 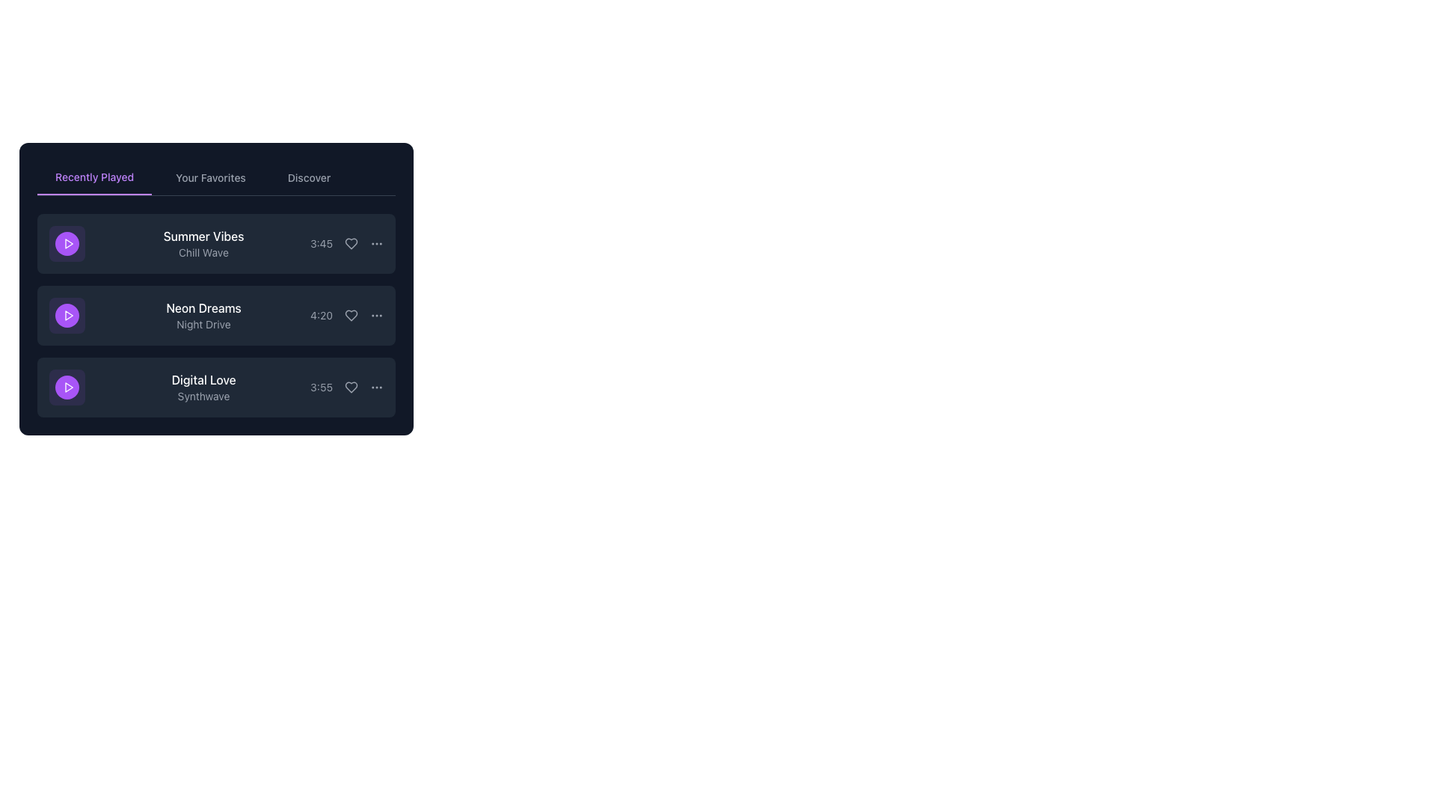 I want to click on the interactive gray heart-shaped icon to favorite or unlike the 'Digital Love' song entry located in the third row, positioned between the duration text '3:55' and other icons, so click(x=351, y=386).